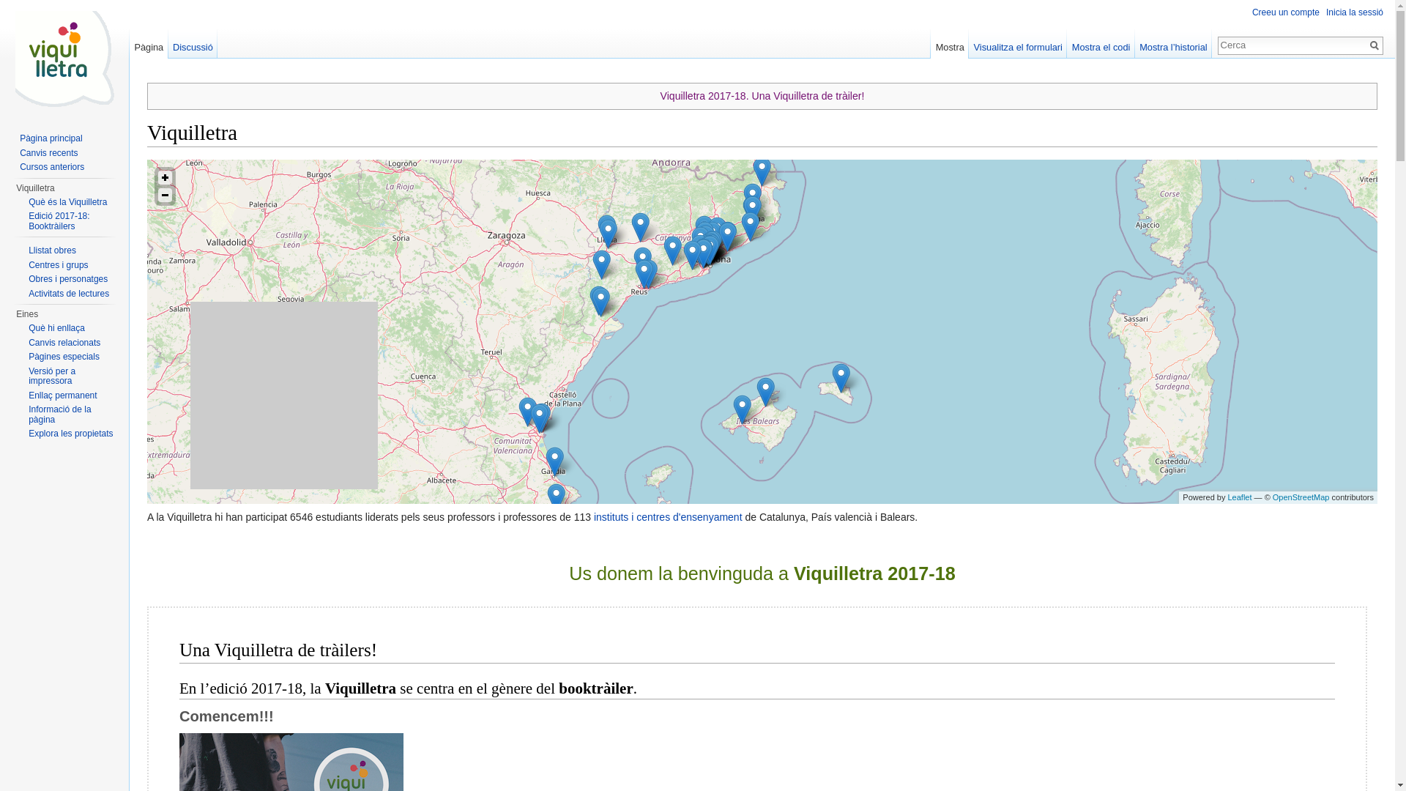  I want to click on 'instituts i centres d'ensenyament', so click(667, 516).